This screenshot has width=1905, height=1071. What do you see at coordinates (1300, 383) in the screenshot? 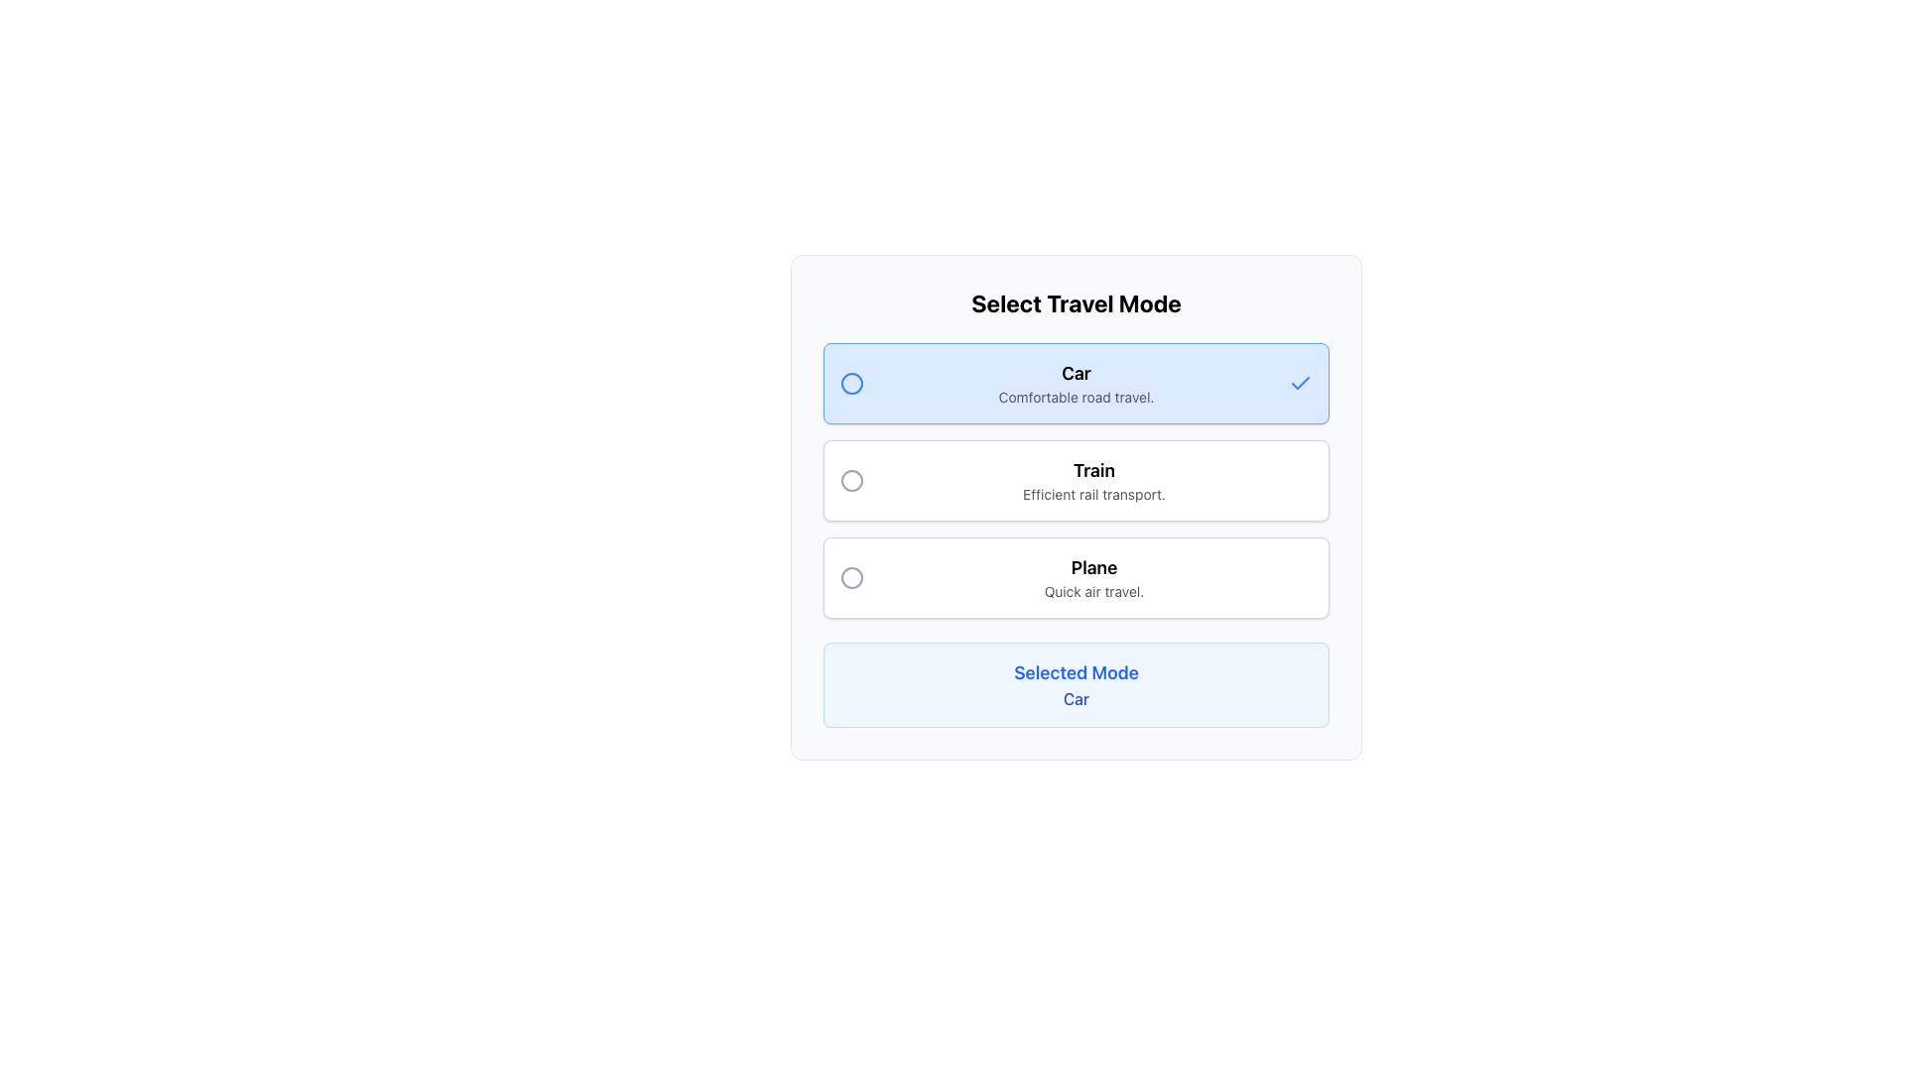
I see `the small blue checkmark icon next to the 'Car' text` at bounding box center [1300, 383].